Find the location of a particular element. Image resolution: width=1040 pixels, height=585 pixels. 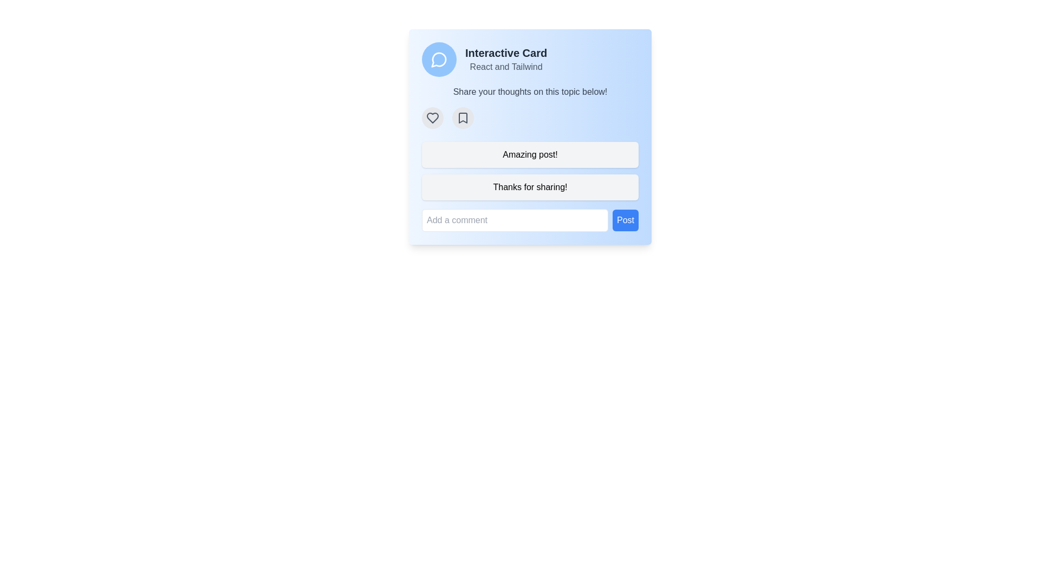

the bookmark icon (SVG) which indicates the functionality of saving or marking content for later reference, positioned to the right of the heart-shaped icon within the interactive card interface is located at coordinates (463, 118).